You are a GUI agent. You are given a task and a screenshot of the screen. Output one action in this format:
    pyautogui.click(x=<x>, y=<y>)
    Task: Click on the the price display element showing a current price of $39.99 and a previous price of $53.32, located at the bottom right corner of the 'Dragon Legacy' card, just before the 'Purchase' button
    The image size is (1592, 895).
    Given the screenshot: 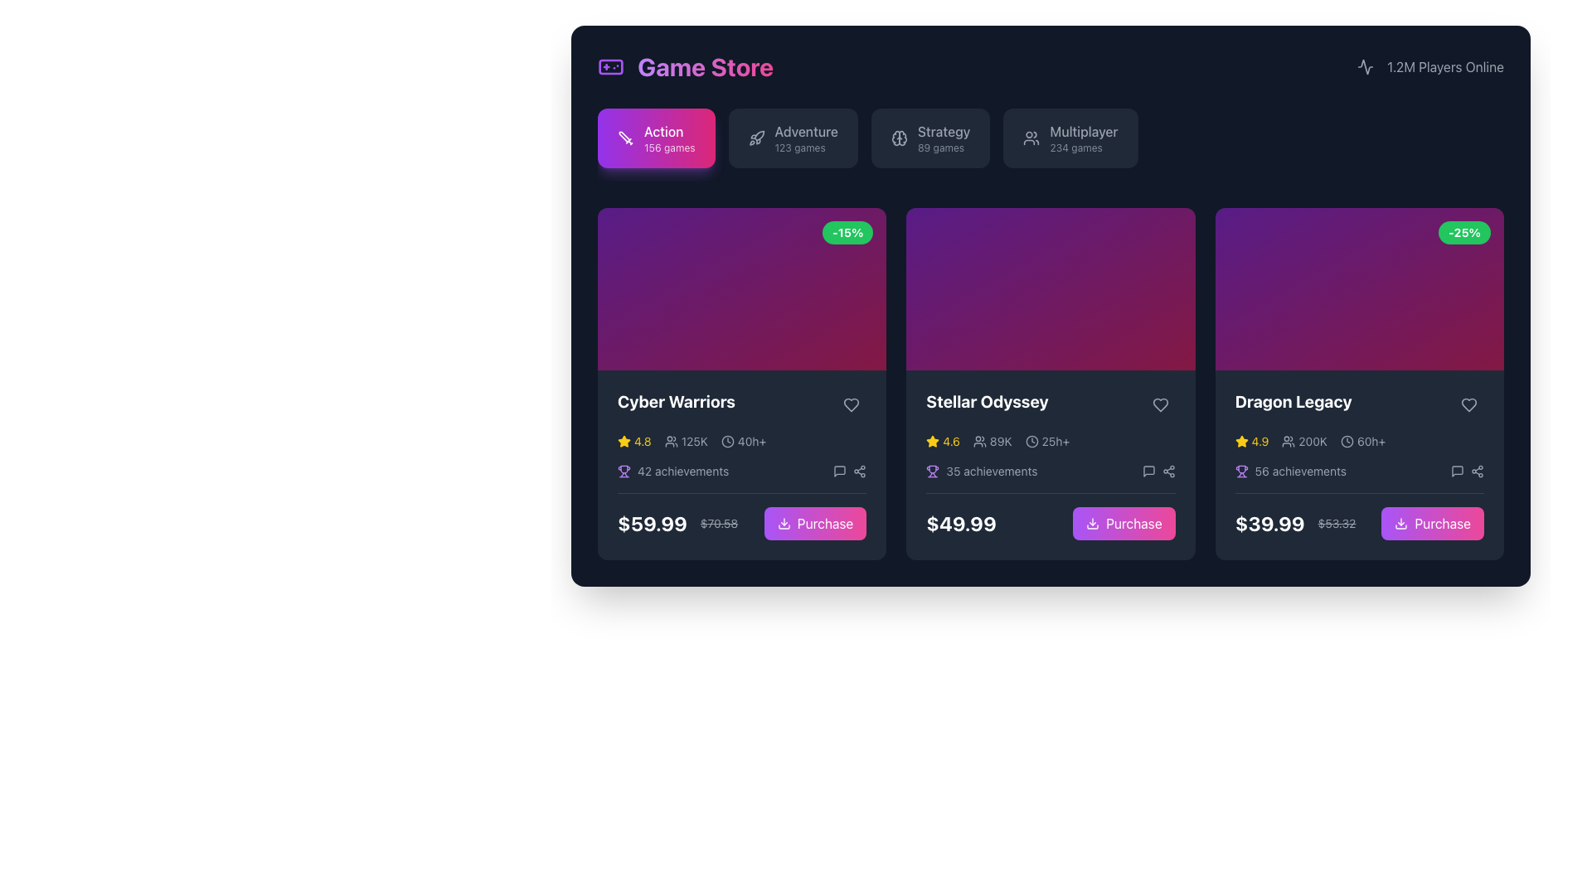 What is the action you would take?
    pyautogui.click(x=1294, y=523)
    